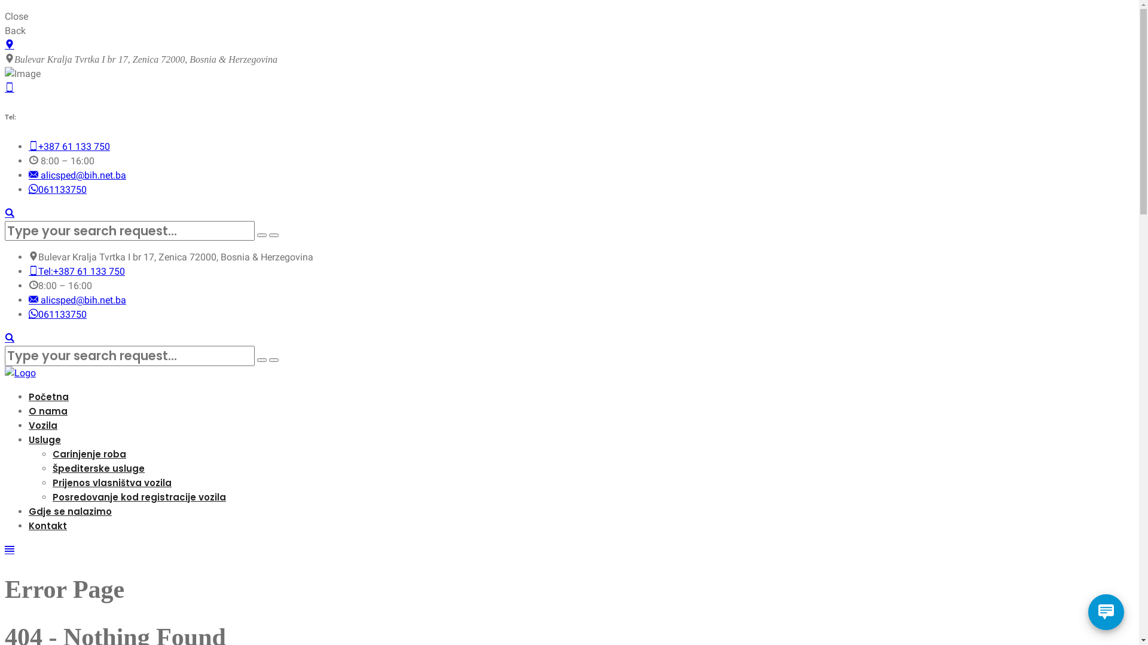 This screenshot has height=645, width=1148. Describe the element at coordinates (45, 440) in the screenshot. I see `'Usluge'` at that location.